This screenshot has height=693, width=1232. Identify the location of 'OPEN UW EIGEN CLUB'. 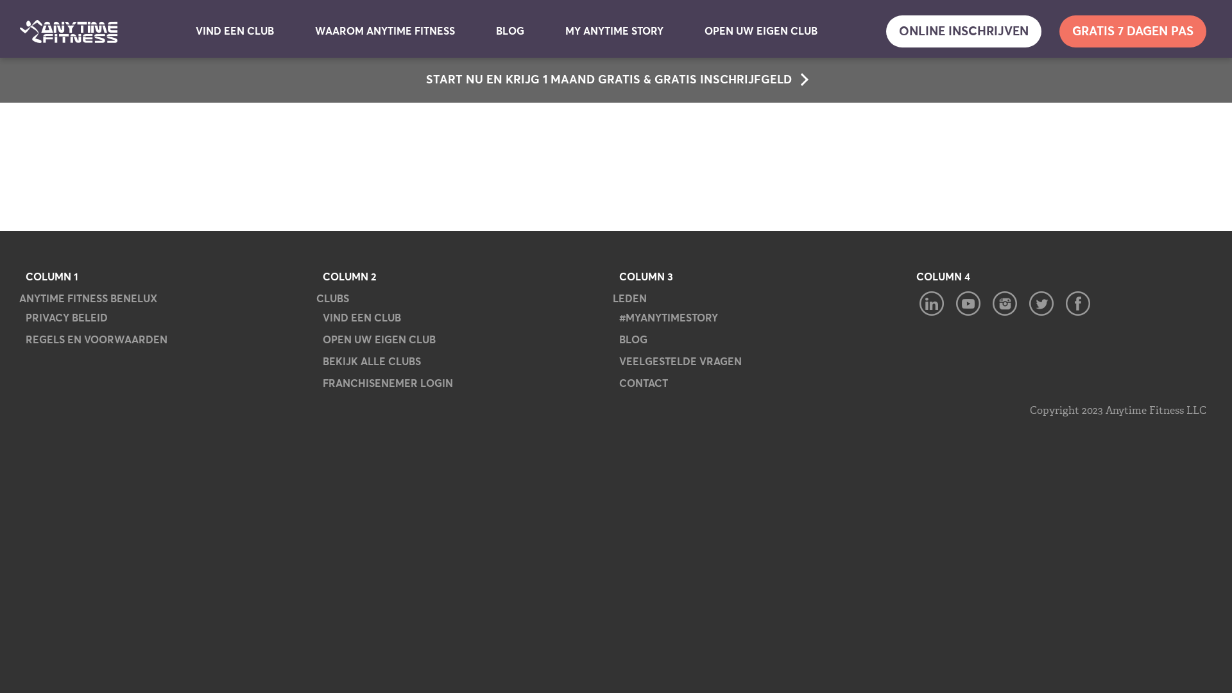
(315, 338).